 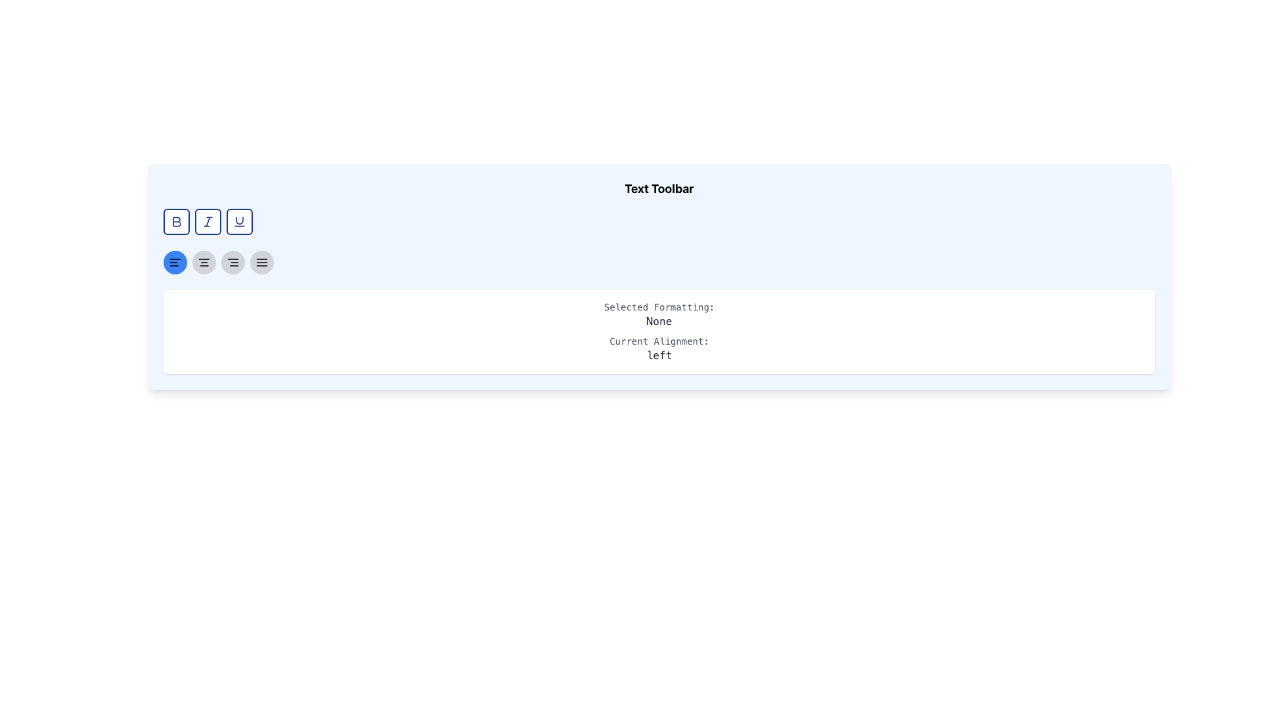 What do you see at coordinates (207, 221) in the screenshot?
I see `the diagonal line of the italic formatting icon, which is part of the 'Italic' symbol located in the second position of the top row of the toolbar` at bounding box center [207, 221].